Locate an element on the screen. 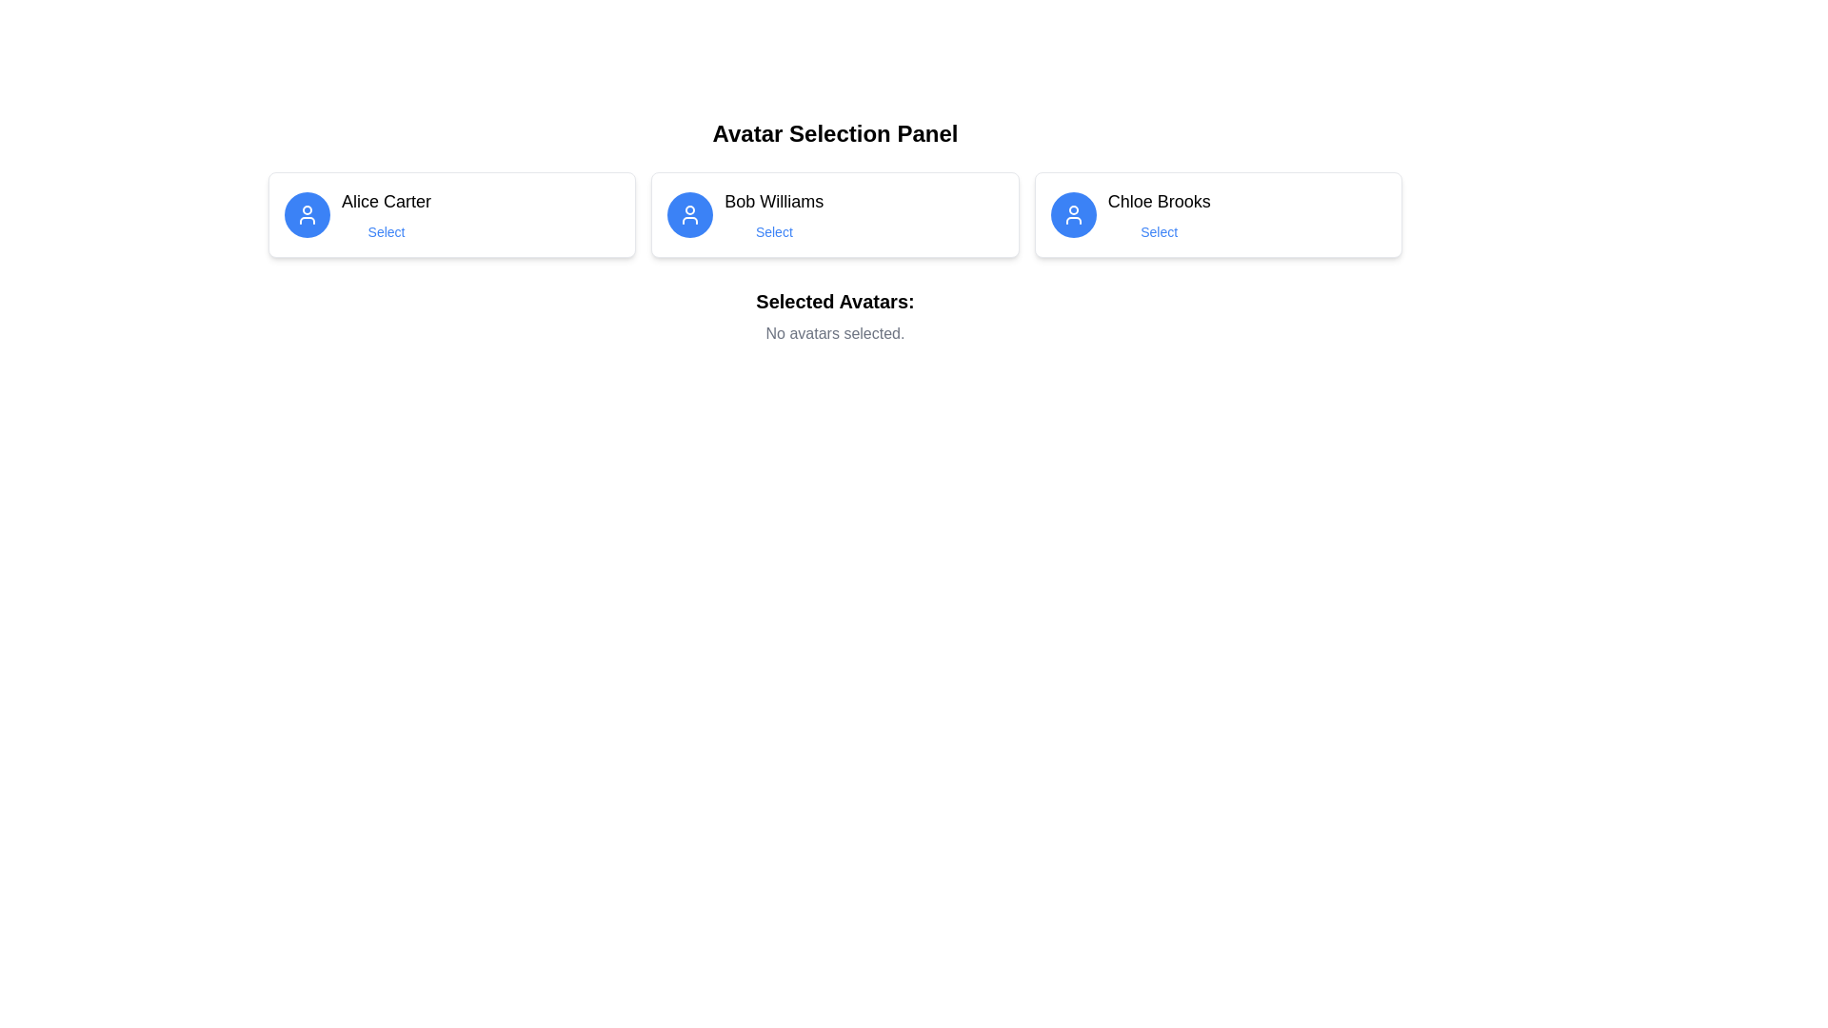 The image size is (1828, 1028). the Text Label that indicates the purpose of the section below it, which lists selected avatars, located in the middle section of the UI, directly underneath the 'Avatar Selection Panel' heading is located at coordinates (835, 300).